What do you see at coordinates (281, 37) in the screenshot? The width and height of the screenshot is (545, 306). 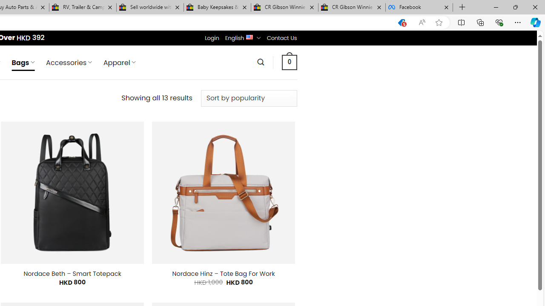 I see `'Contact Us'` at bounding box center [281, 37].